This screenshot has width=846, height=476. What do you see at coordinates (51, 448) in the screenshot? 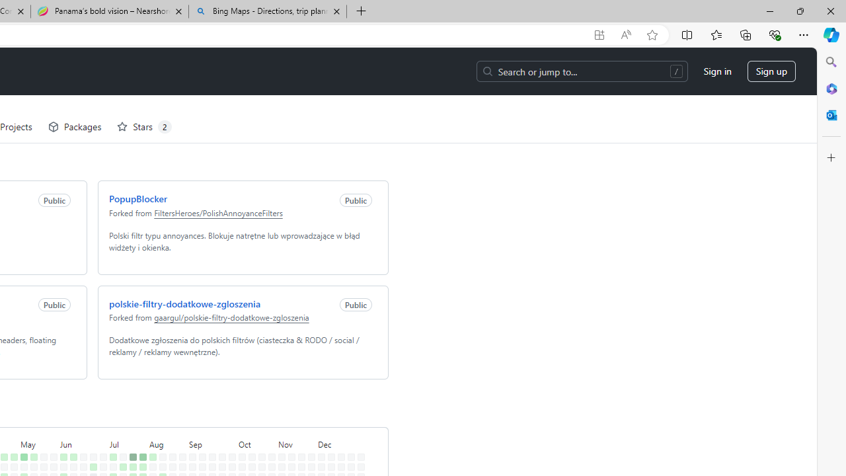
I see `'2 contributions on May 30th.'` at bounding box center [51, 448].